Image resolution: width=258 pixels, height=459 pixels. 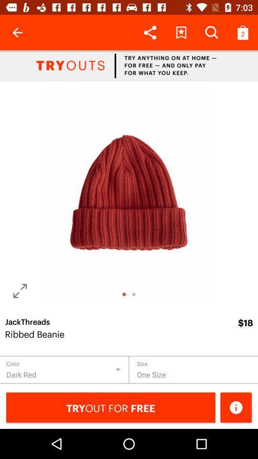 I want to click on see additional information about this product, so click(x=236, y=407).